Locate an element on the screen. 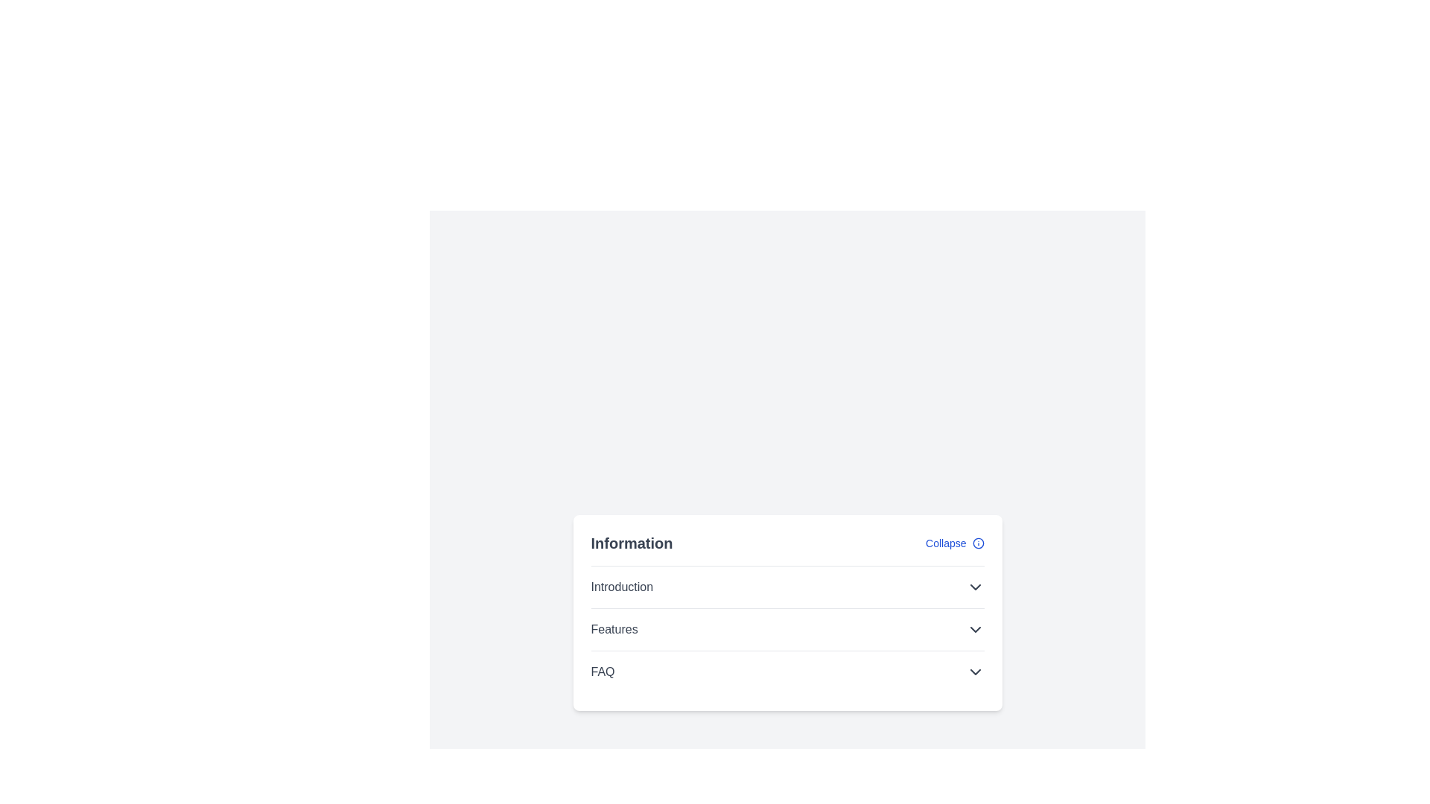  circular SVG element located in the top-right corner of the 'Information' group, adjacent to the 'Collapse' text, to view its properties is located at coordinates (978, 543).